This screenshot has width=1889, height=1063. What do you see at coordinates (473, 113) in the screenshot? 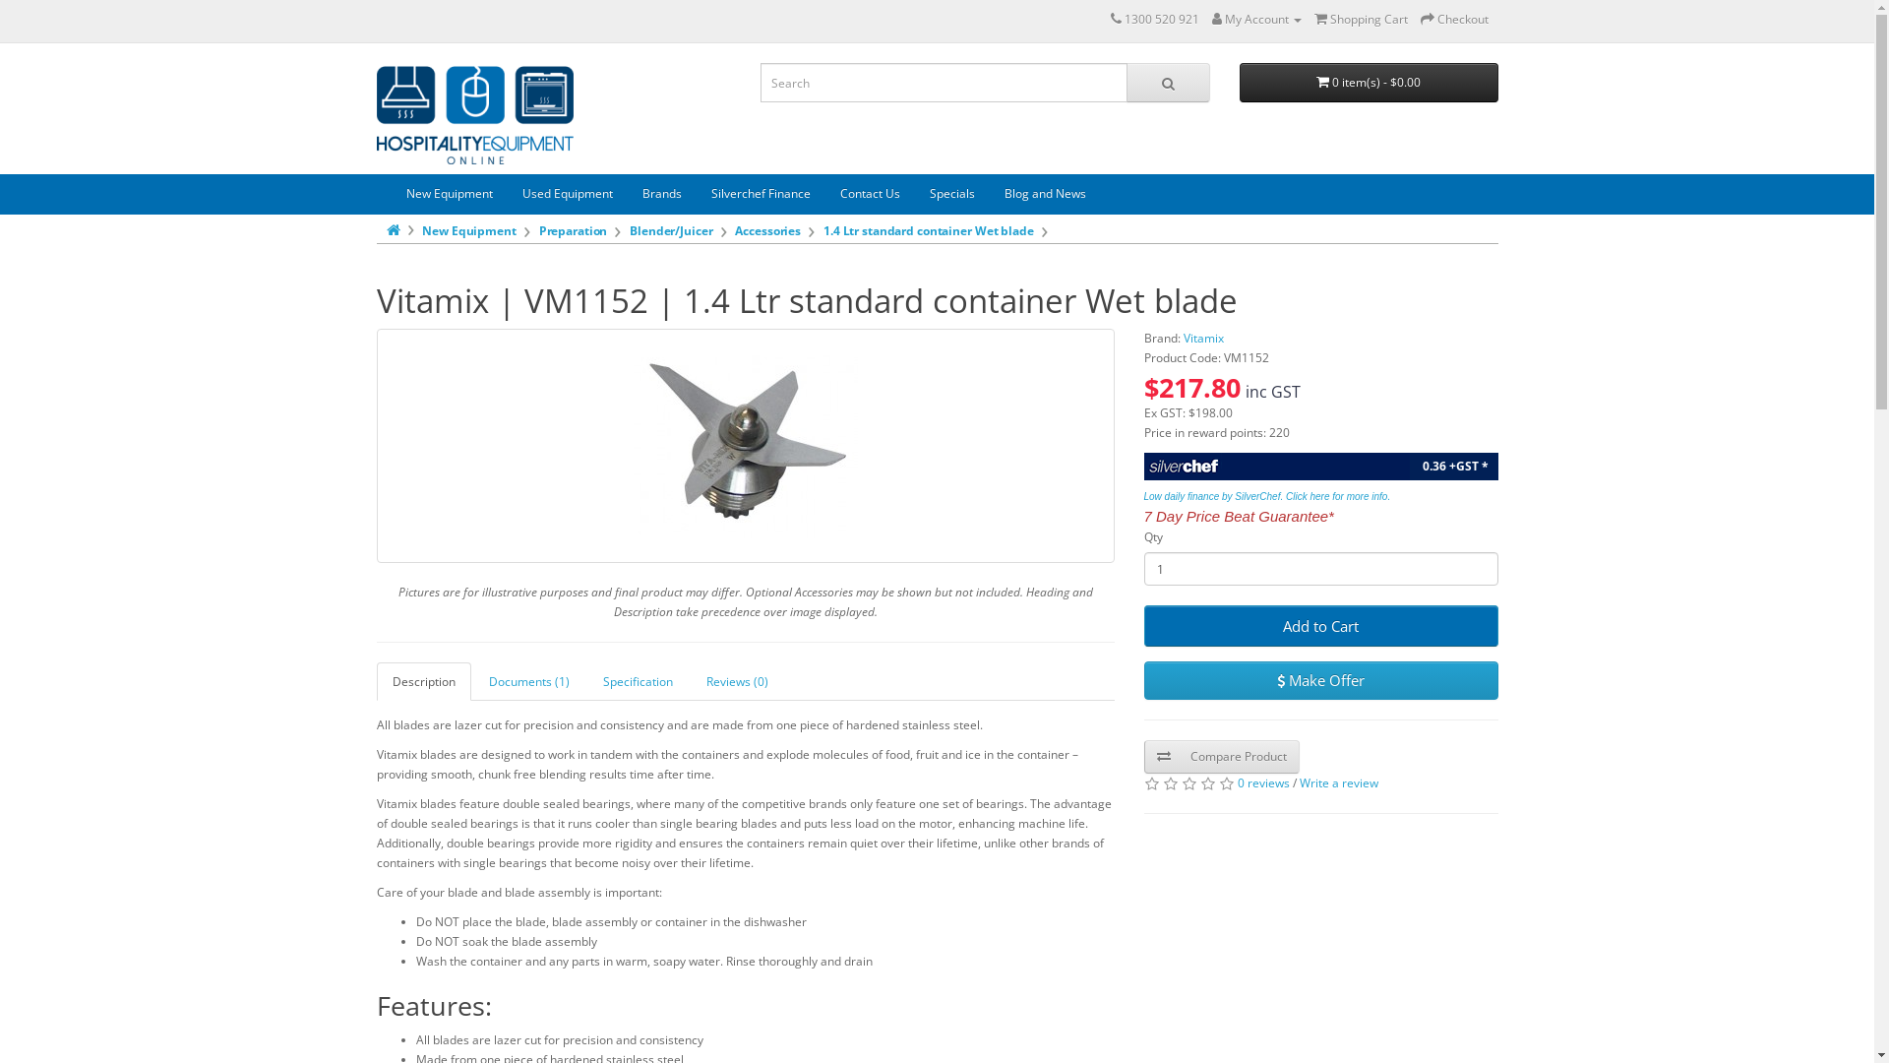
I see `'Hospitality Equipment Online'` at bounding box center [473, 113].